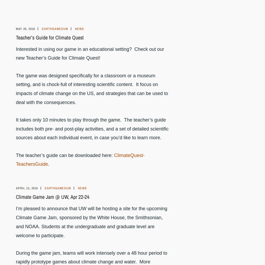 The height and width of the screenshot is (265, 265). Describe the element at coordinates (80, 160) in the screenshot. I see `'ClimateQuest-TeachersGuide'` at that location.